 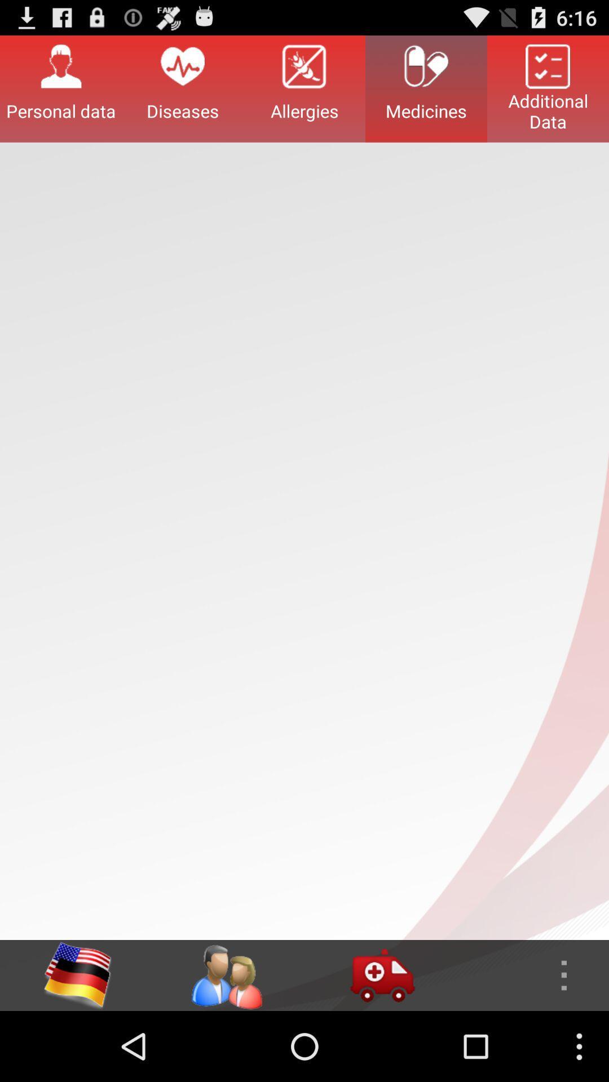 I want to click on the item next to allergies item, so click(x=182, y=88).